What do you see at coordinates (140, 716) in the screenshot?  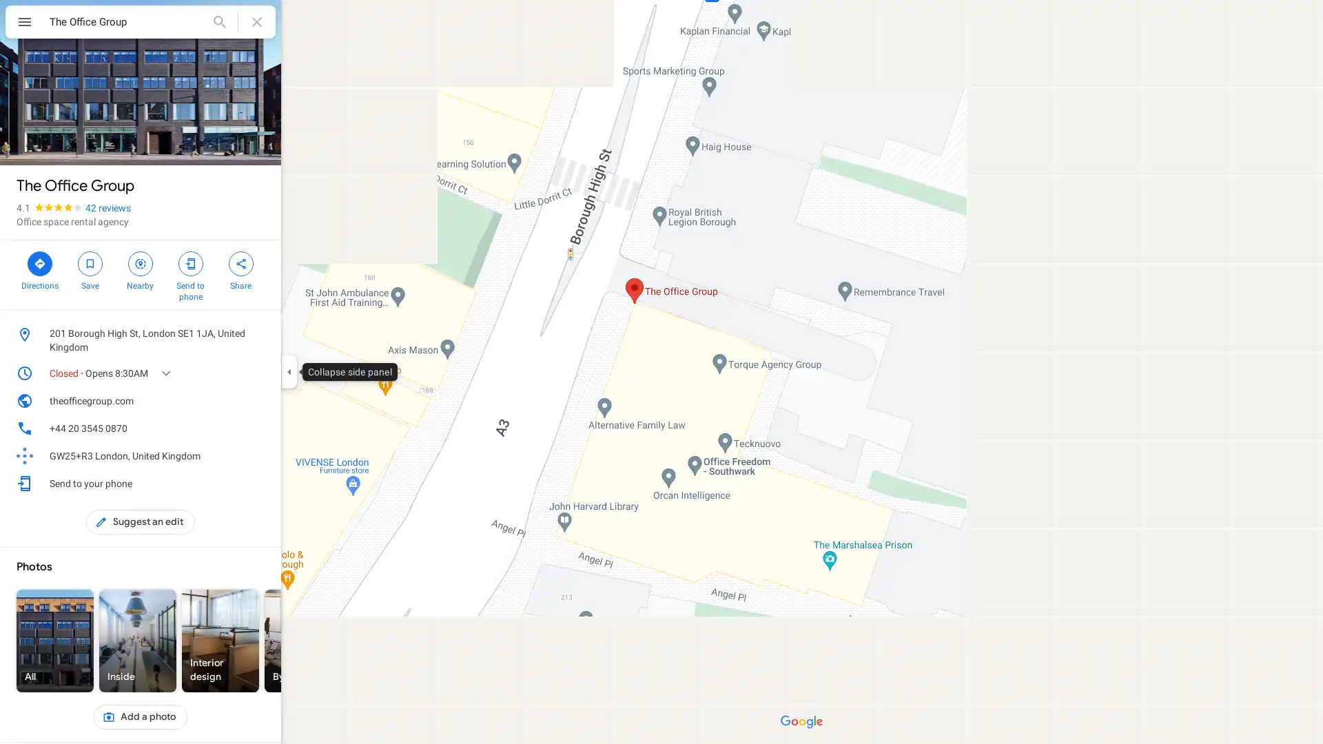 I see `Add a photo` at bounding box center [140, 716].